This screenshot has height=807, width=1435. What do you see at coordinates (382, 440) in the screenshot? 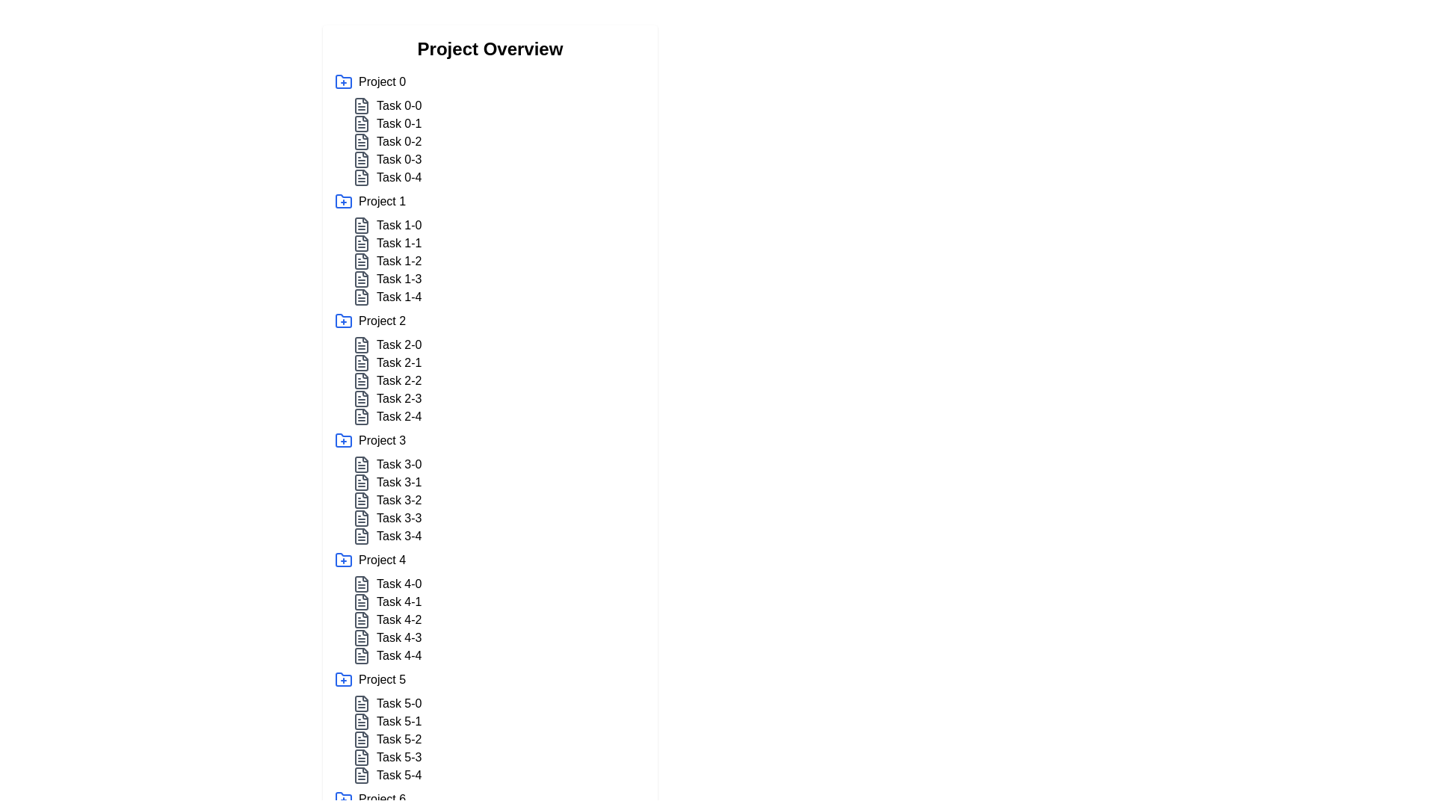
I see `the Text Label that identifies 'Project 3', located in the fourth group under 'Project Overview'` at bounding box center [382, 440].